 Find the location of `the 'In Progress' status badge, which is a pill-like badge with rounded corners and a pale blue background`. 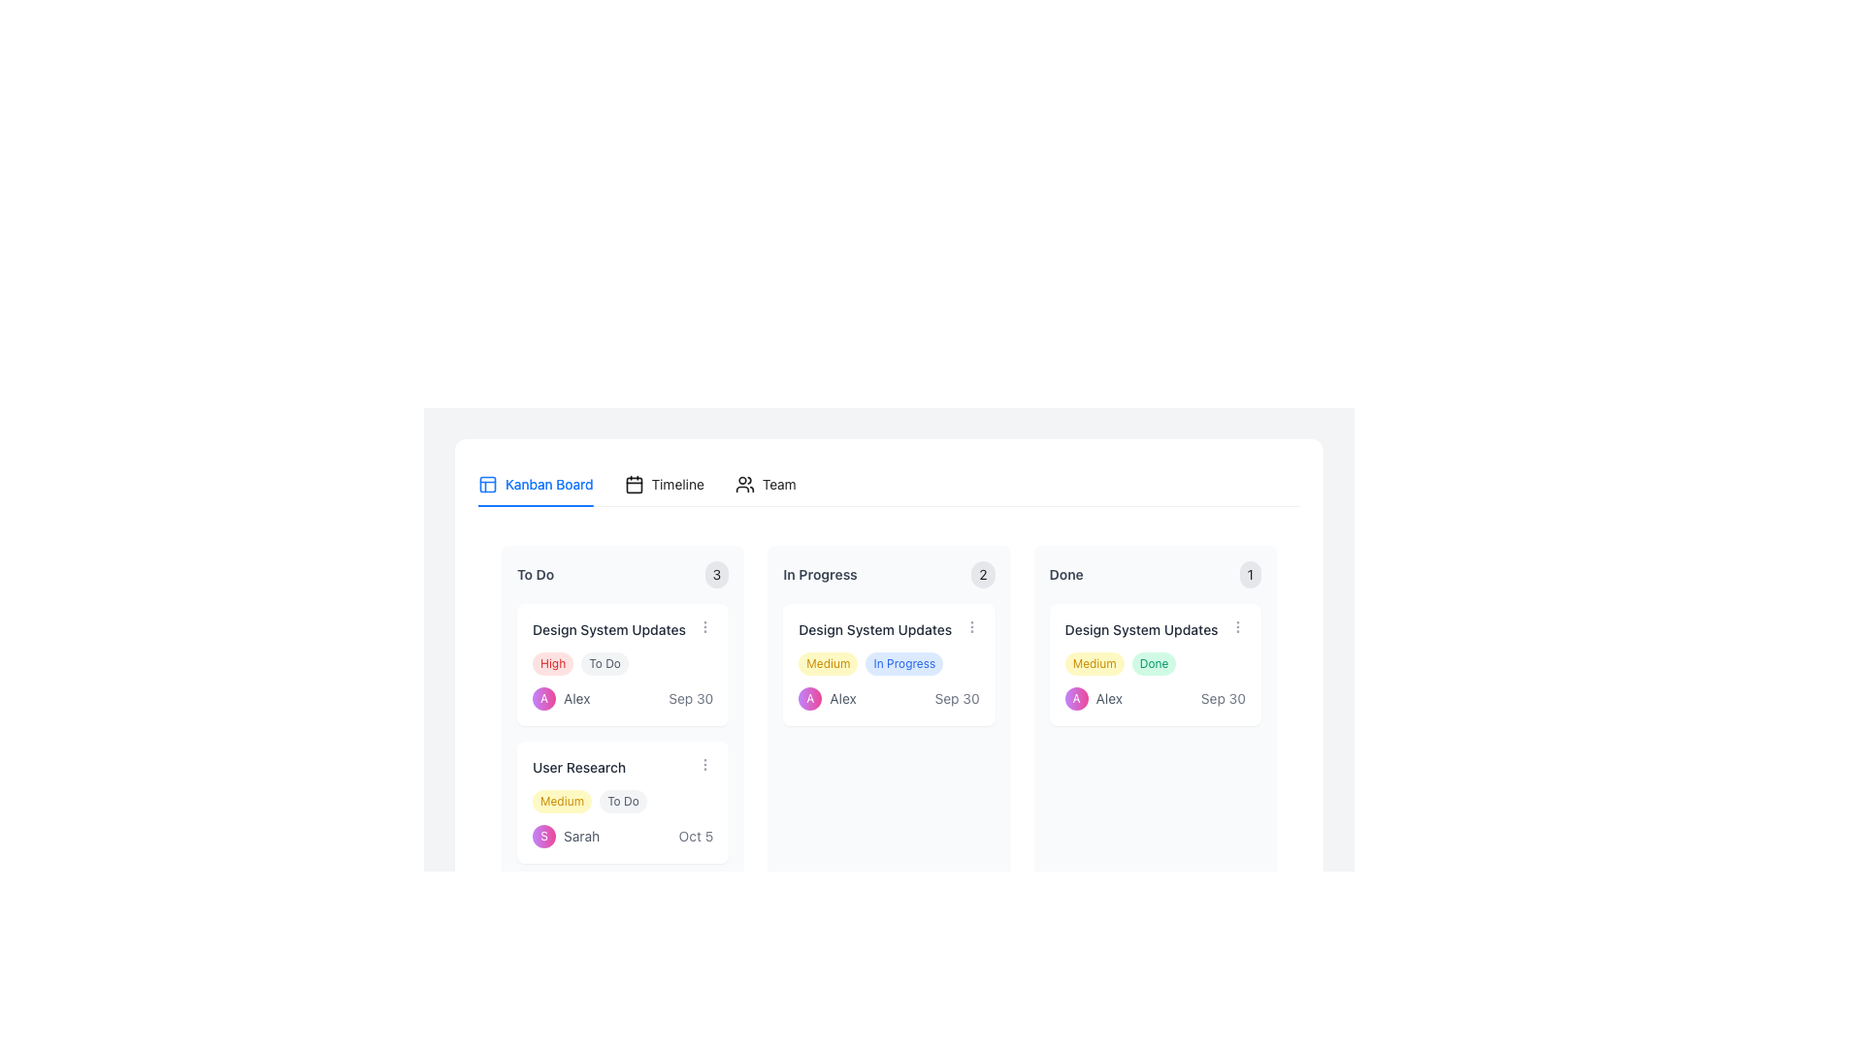

the 'In Progress' status badge, which is a pill-like badge with rounded corners and a pale blue background is located at coordinates (903, 663).